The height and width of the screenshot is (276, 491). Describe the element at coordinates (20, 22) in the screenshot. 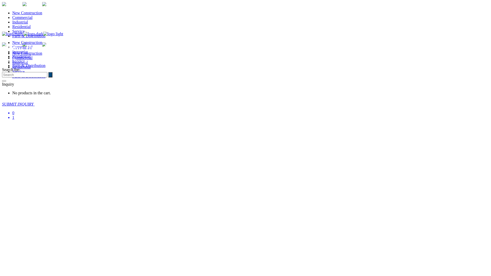

I see `'Industrial'` at that location.